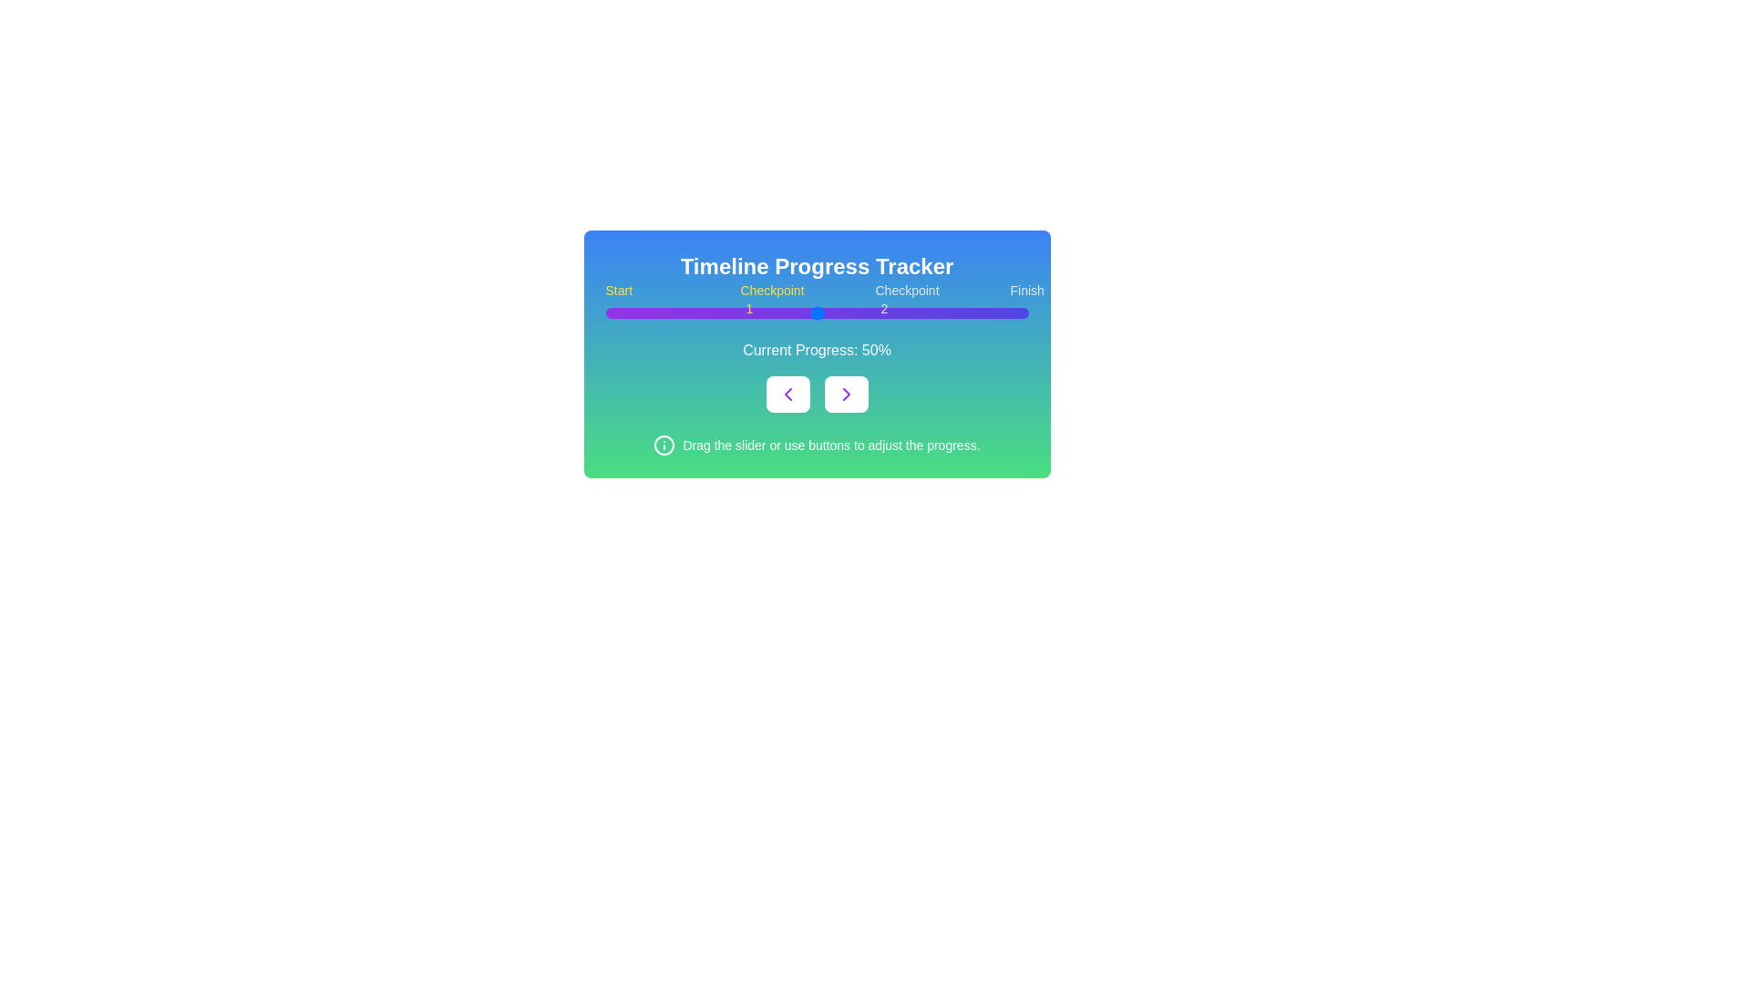 This screenshot has width=1750, height=984. I want to click on progress on the slider, so click(960, 312).